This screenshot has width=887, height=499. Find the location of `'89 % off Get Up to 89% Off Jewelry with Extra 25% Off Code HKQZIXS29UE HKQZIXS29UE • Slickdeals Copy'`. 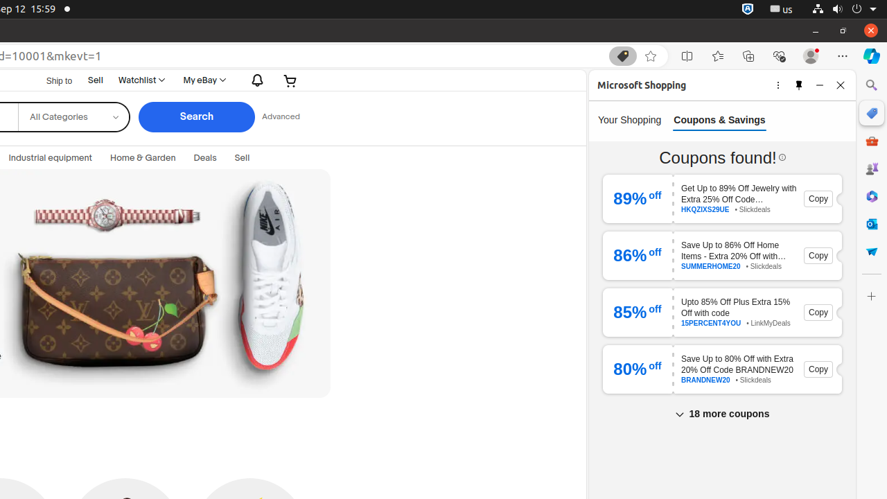

'89 % off Get Up to 89% Off Jewelry with Extra 25% Off Code HKQZIXS29UE HKQZIXS29UE • Slickdeals Copy' is located at coordinates (721, 198).